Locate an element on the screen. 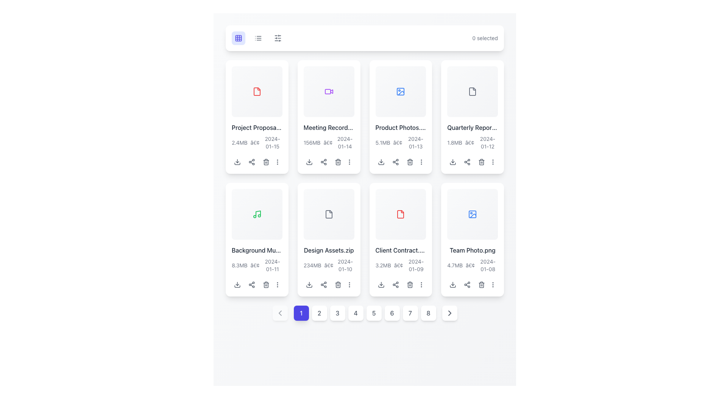 The image size is (727, 409). the download icon button located at the bottom of the 'Team Photo.png' card in the last row of items to initiate the download is located at coordinates (453, 284).